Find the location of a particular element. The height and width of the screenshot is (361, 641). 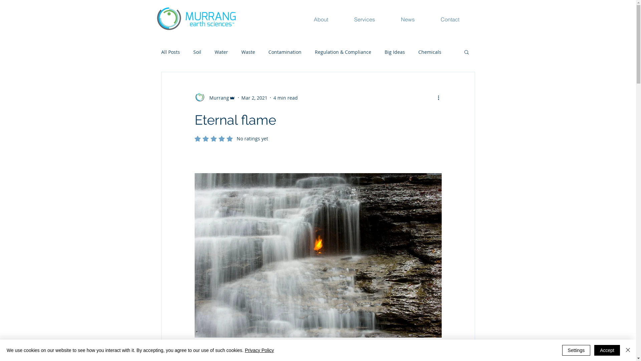

'Contact' is located at coordinates (437, 19).